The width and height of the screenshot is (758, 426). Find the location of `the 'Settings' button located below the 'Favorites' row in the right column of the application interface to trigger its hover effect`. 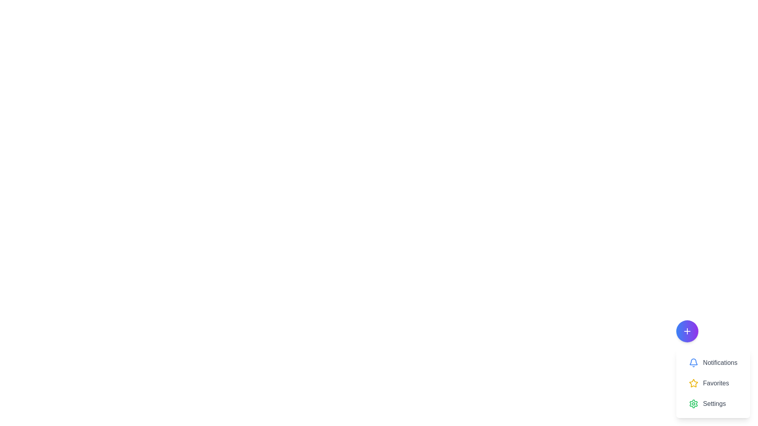

the 'Settings' button located below the 'Favorites' row in the right column of the application interface to trigger its hover effect is located at coordinates (713, 404).